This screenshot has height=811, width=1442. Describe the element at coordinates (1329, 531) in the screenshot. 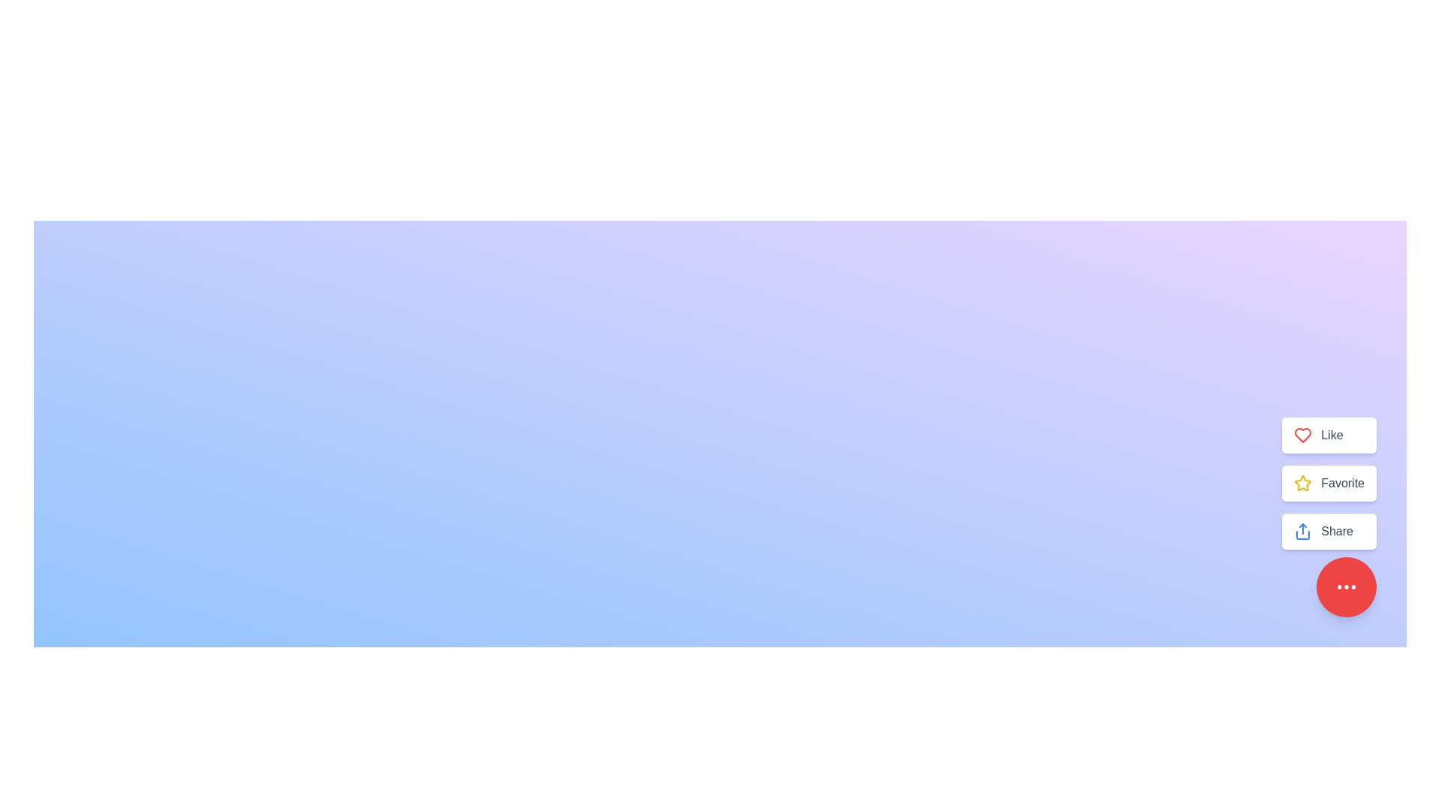

I see `the 'Share' button` at that location.